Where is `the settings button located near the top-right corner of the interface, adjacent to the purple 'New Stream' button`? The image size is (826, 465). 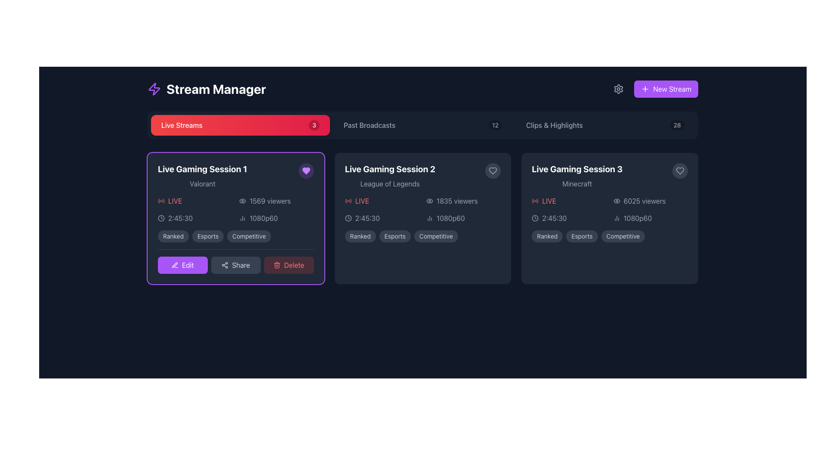
the settings button located near the top-right corner of the interface, adjacent to the purple 'New Stream' button is located at coordinates (618, 89).